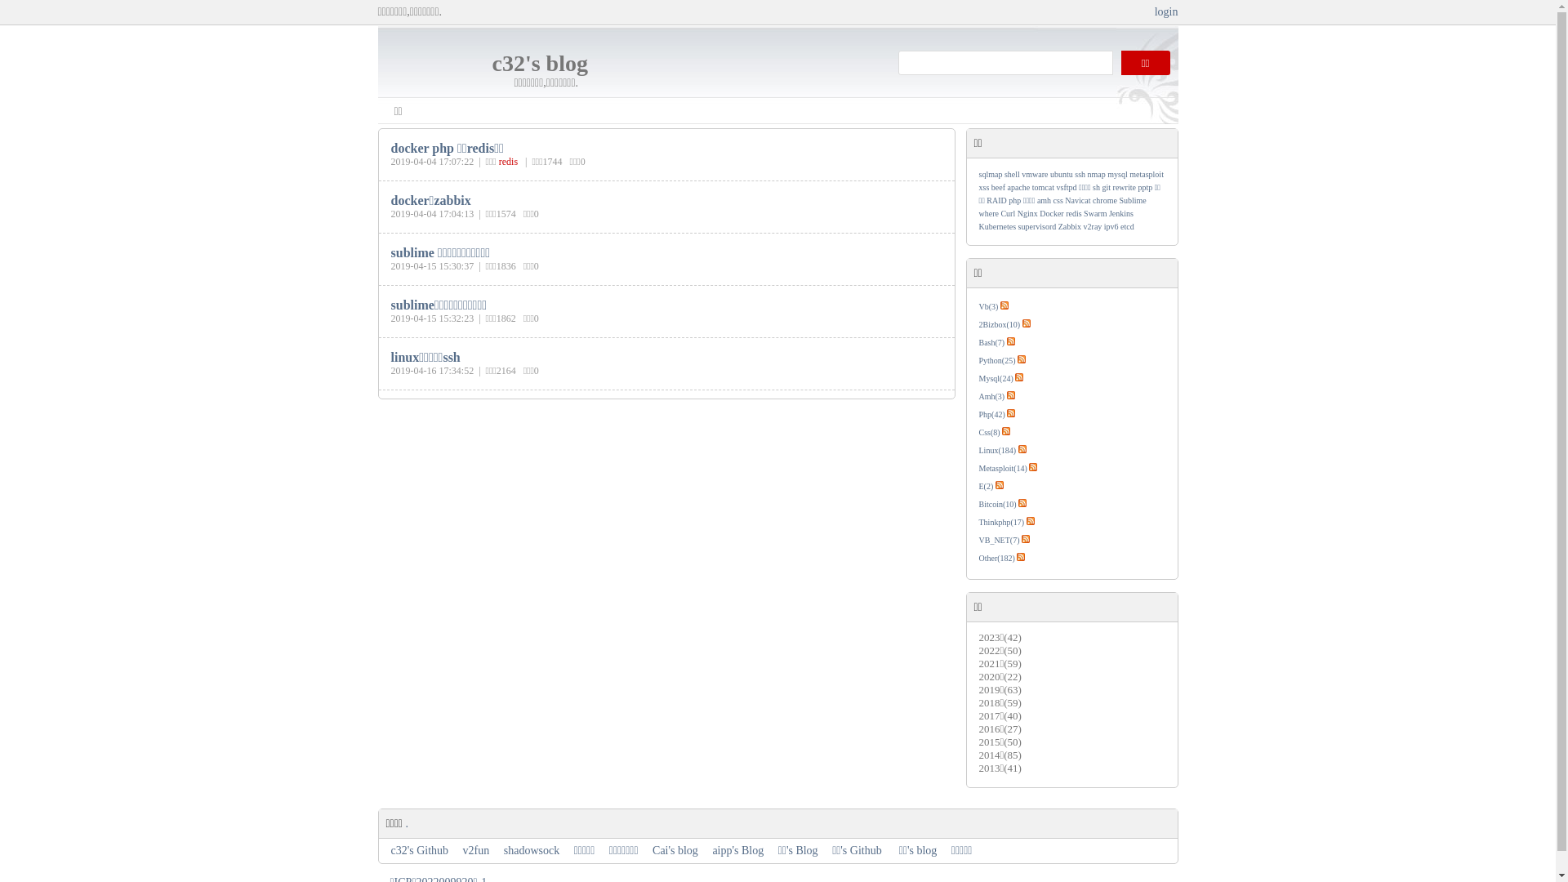  Describe the element at coordinates (996, 359) in the screenshot. I see `'Python(25)'` at that location.